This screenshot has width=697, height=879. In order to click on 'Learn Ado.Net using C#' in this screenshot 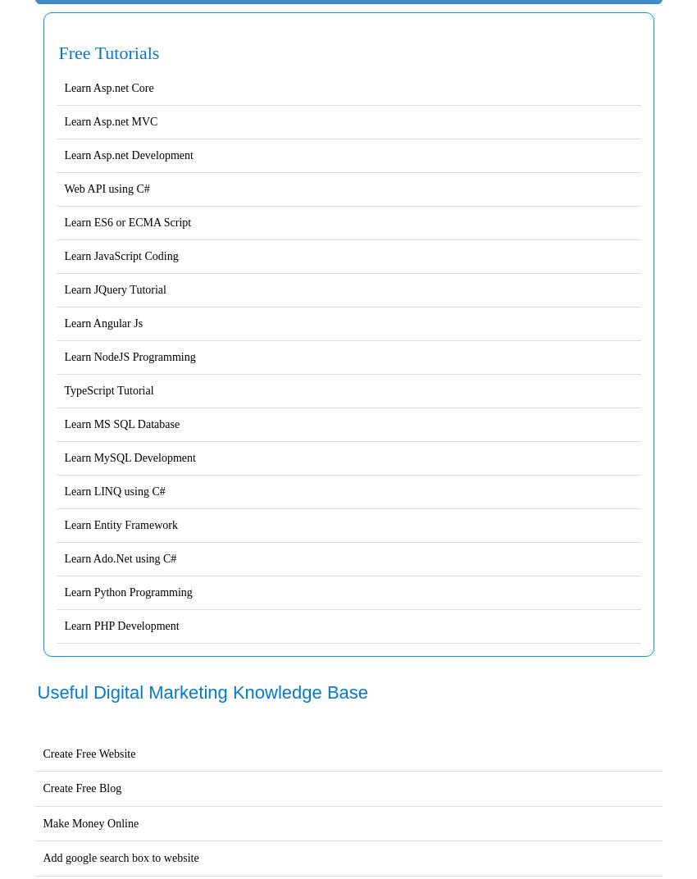, I will do `click(120, 558)`.